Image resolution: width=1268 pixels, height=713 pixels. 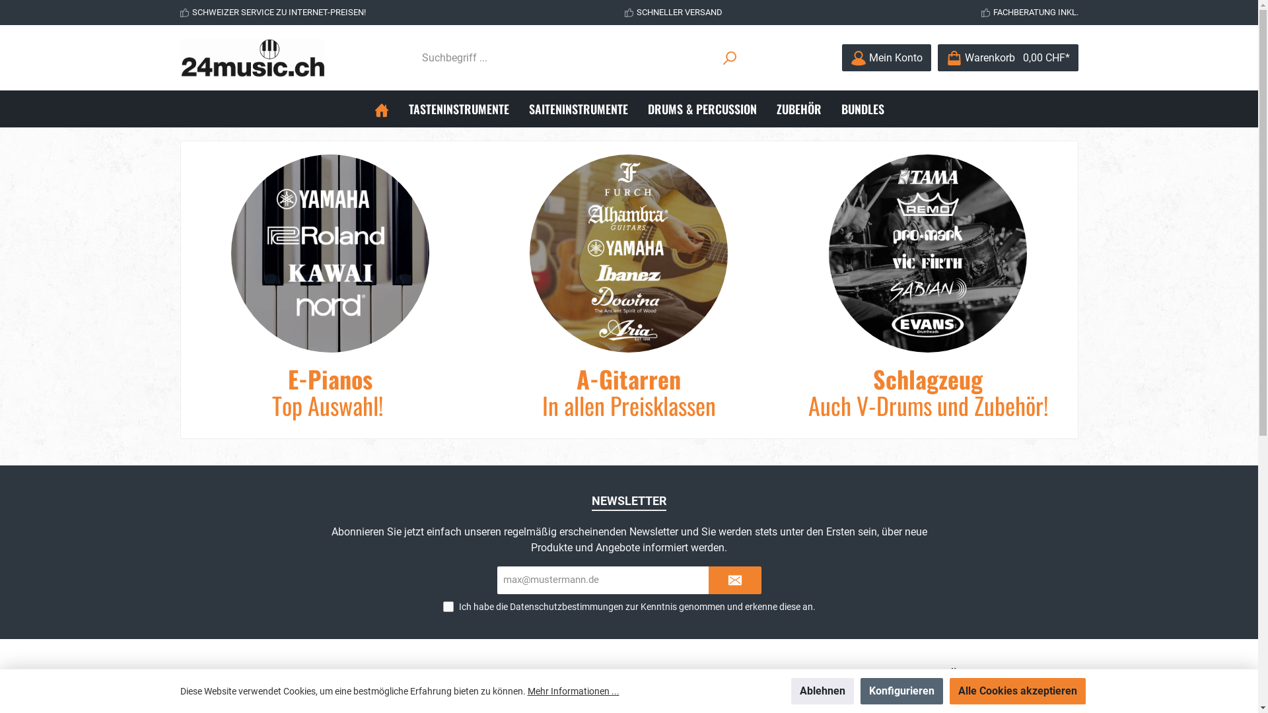 What do you see at coordinates (526, 690) in the screenshot?
I see `'Mehr Informationen ...'` at bounding box center [526, 690].